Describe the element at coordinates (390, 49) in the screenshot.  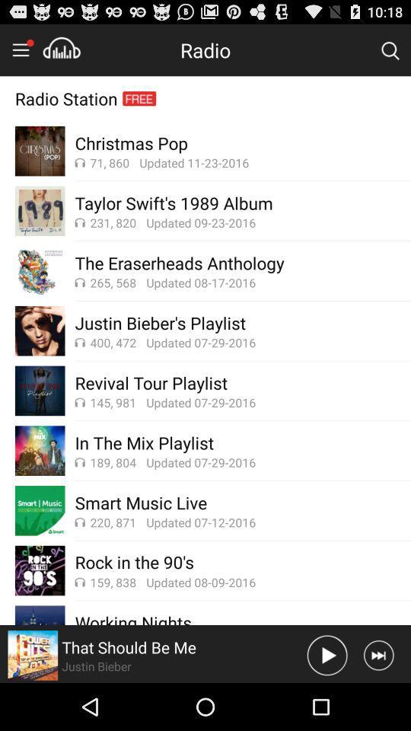
I see `search` at that location.